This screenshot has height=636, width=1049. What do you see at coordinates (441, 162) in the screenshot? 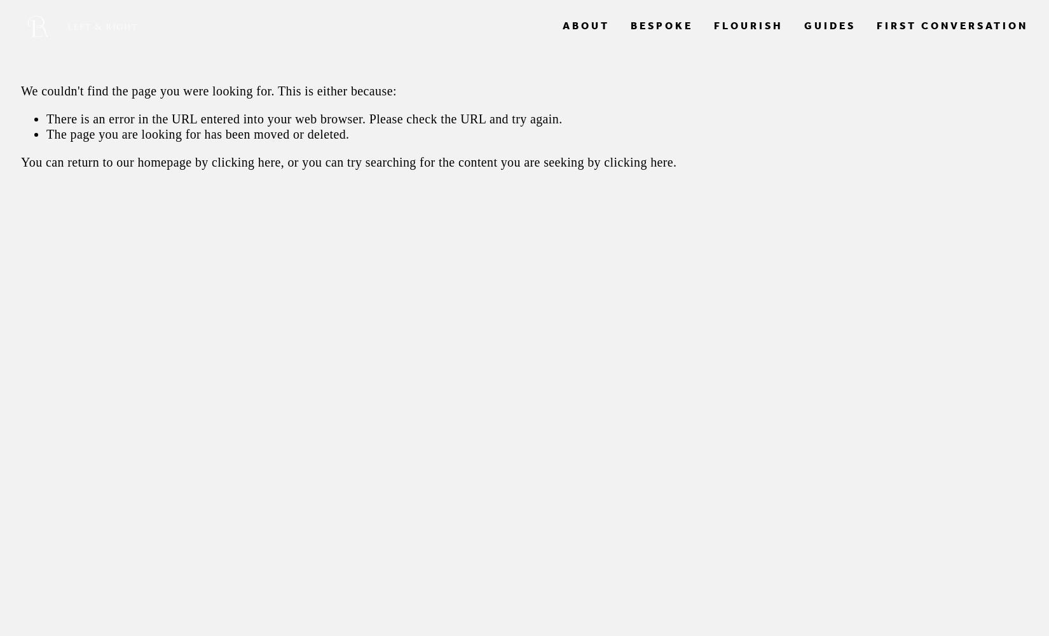
I see `', or you can try searching for the
  content you are seeking by'` at bounding box center [441, 162].